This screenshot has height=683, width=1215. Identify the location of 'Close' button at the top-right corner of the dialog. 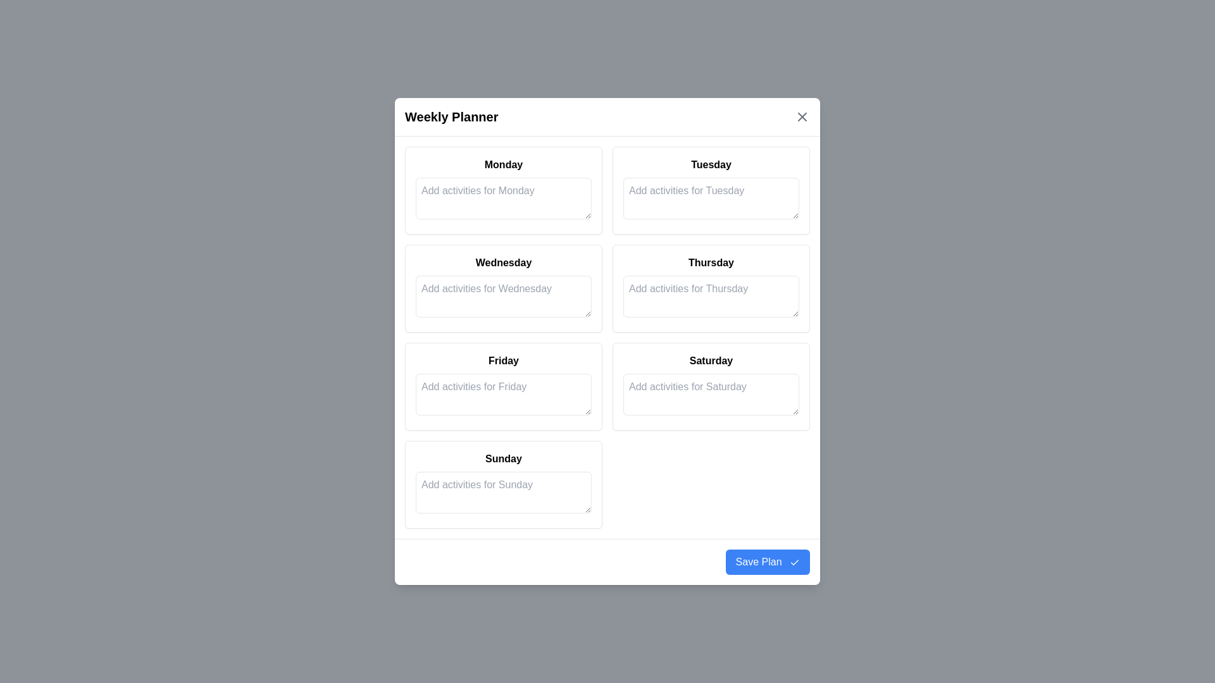
(801, 117).